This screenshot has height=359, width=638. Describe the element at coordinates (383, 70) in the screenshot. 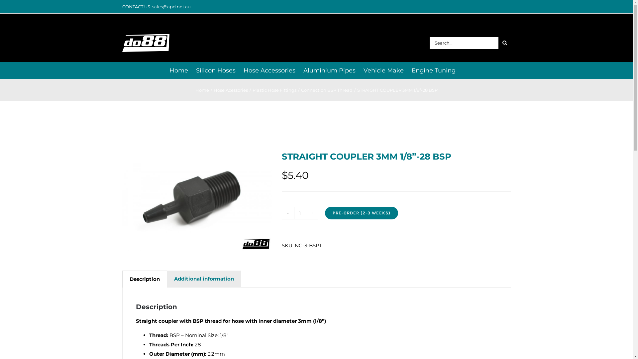

I see `'Vehicle Make'` at that location.